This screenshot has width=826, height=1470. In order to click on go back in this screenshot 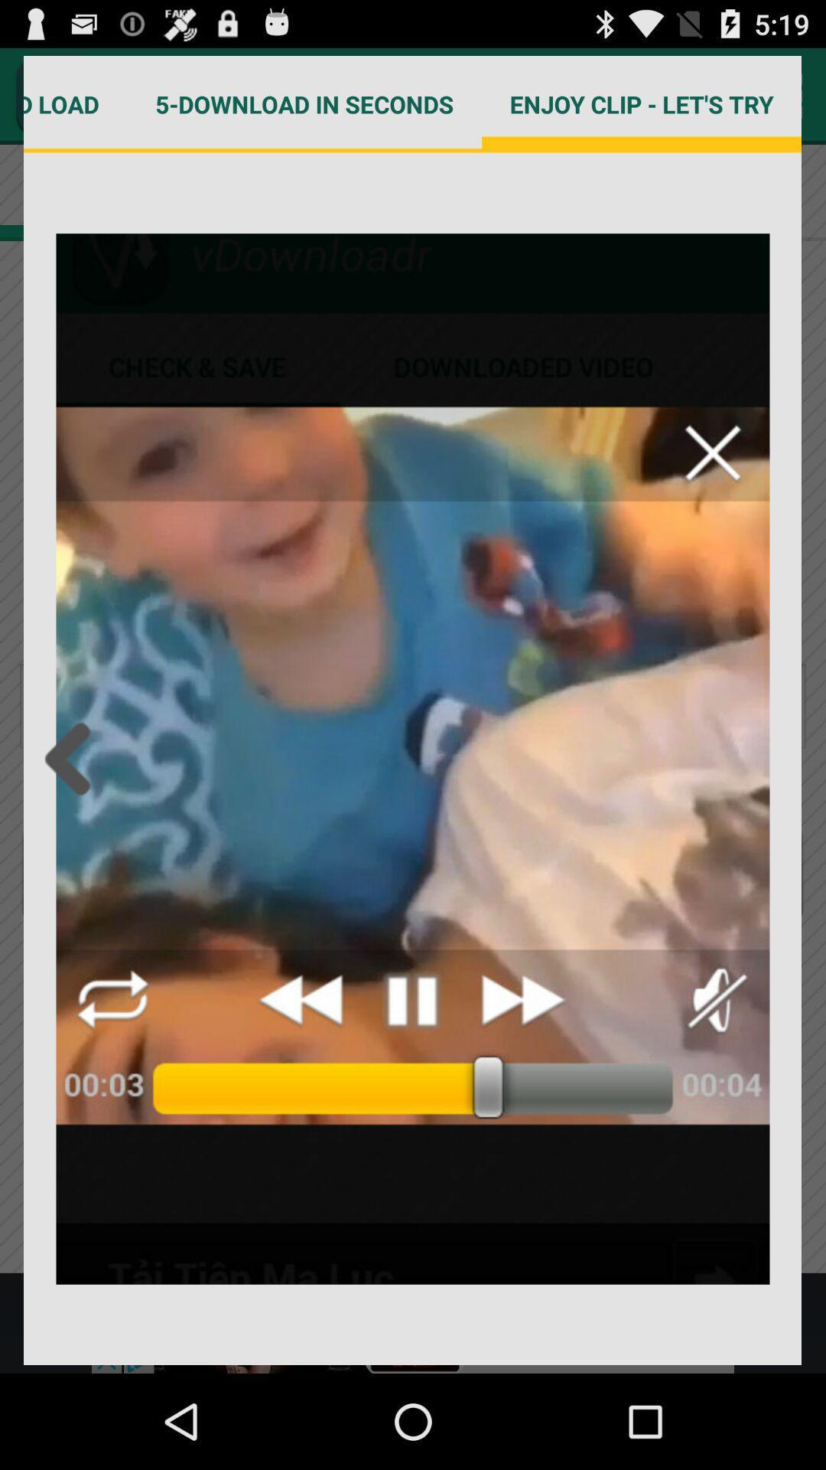, I will do `click(72, 759)`.